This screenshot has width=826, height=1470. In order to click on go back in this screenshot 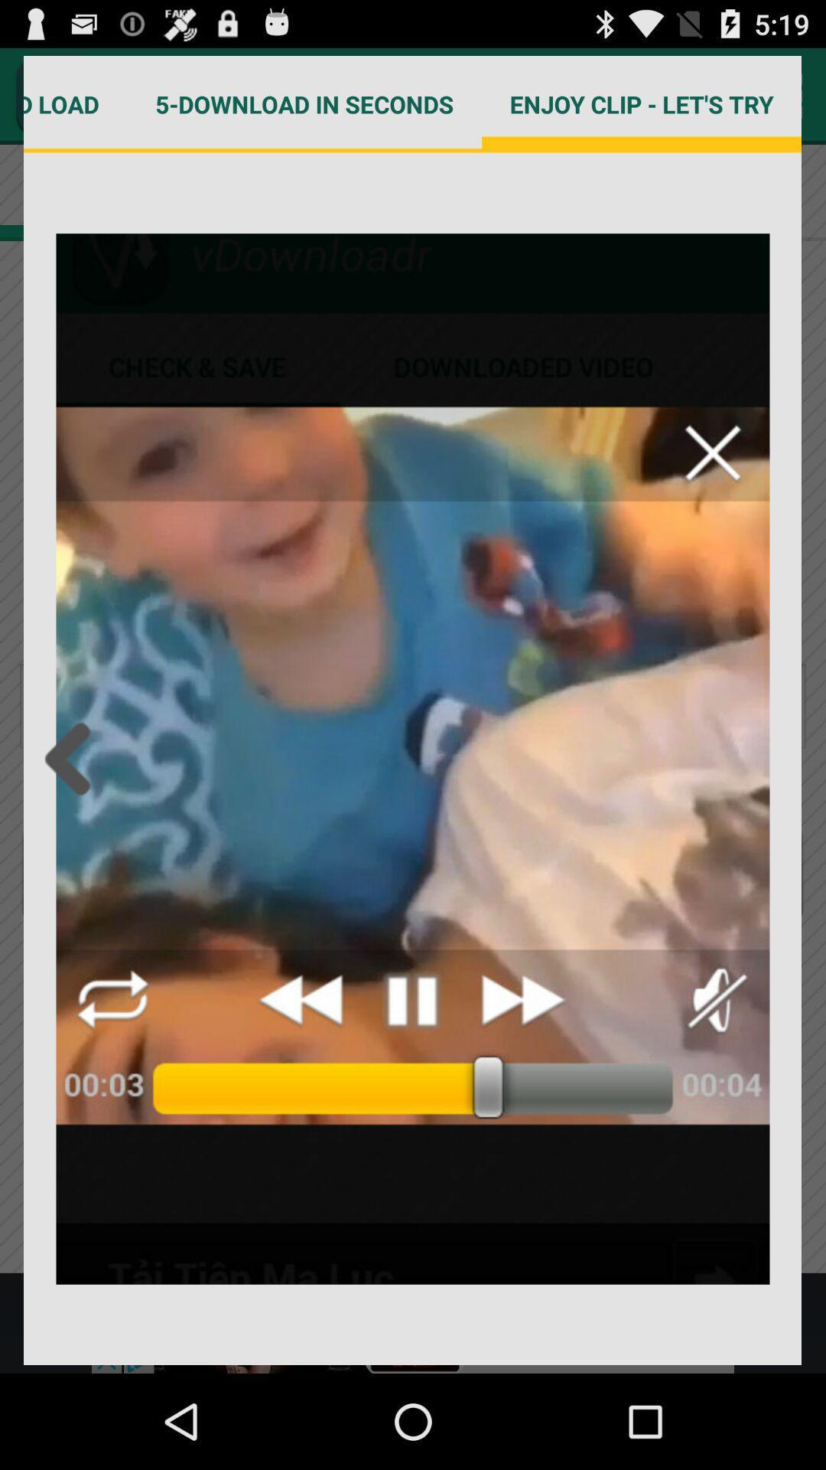, I will do `click(72, 759)`.